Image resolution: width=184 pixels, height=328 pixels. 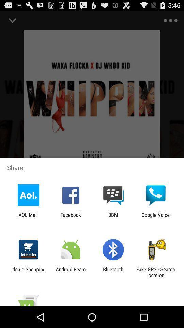 I want to click on the aol mail, so click(x=28, y=217).